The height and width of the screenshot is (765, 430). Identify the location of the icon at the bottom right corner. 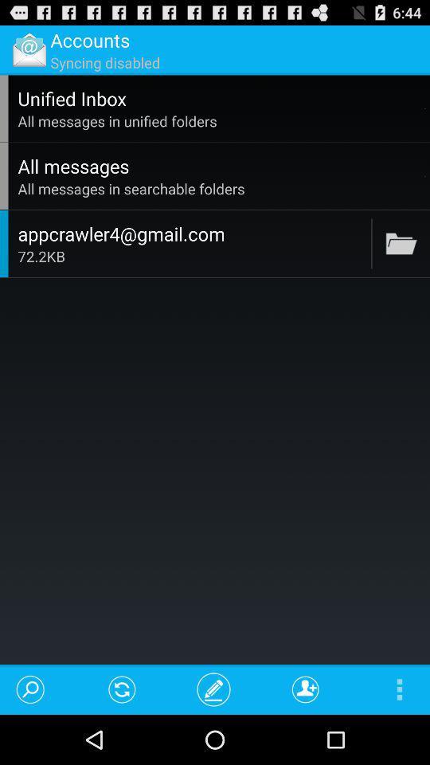
(390, 688).